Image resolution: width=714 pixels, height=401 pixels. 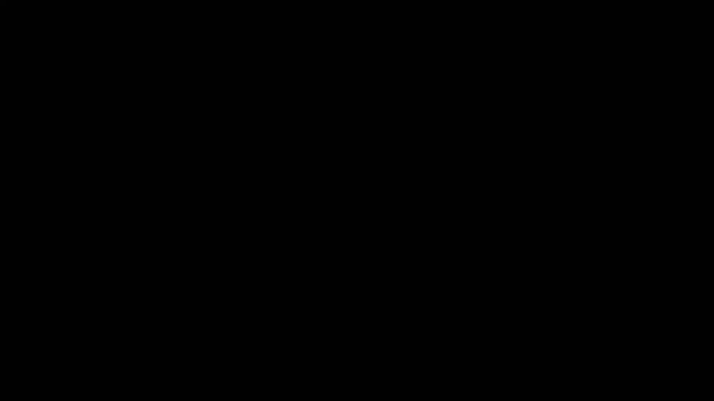 I want to click on unmute, so click(x=648, y=380).